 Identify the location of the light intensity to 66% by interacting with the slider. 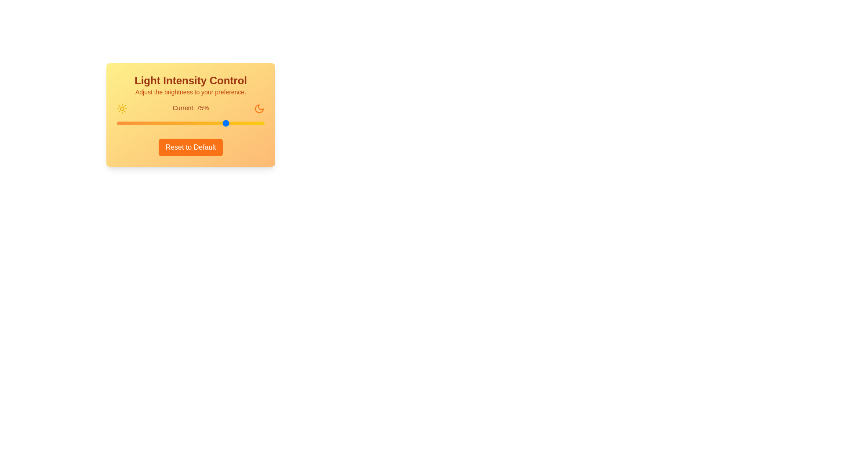
(214, 123).